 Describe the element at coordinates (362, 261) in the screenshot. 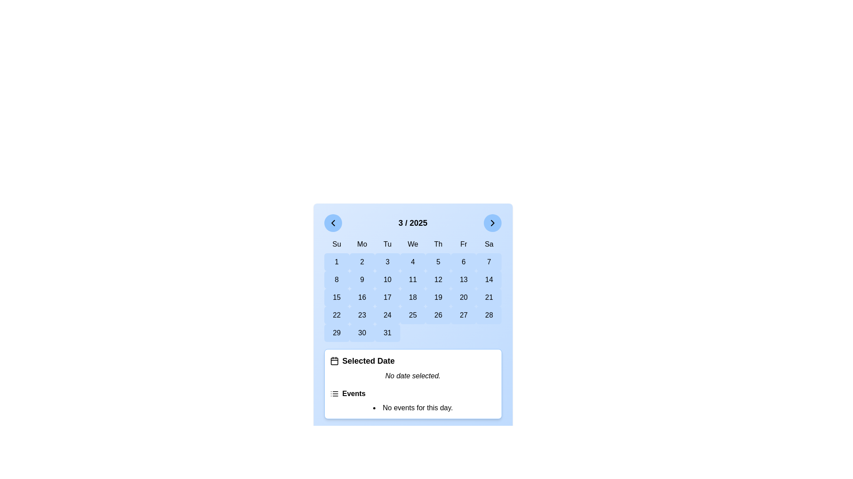

I see `the button representing the second day of the month` at that location.